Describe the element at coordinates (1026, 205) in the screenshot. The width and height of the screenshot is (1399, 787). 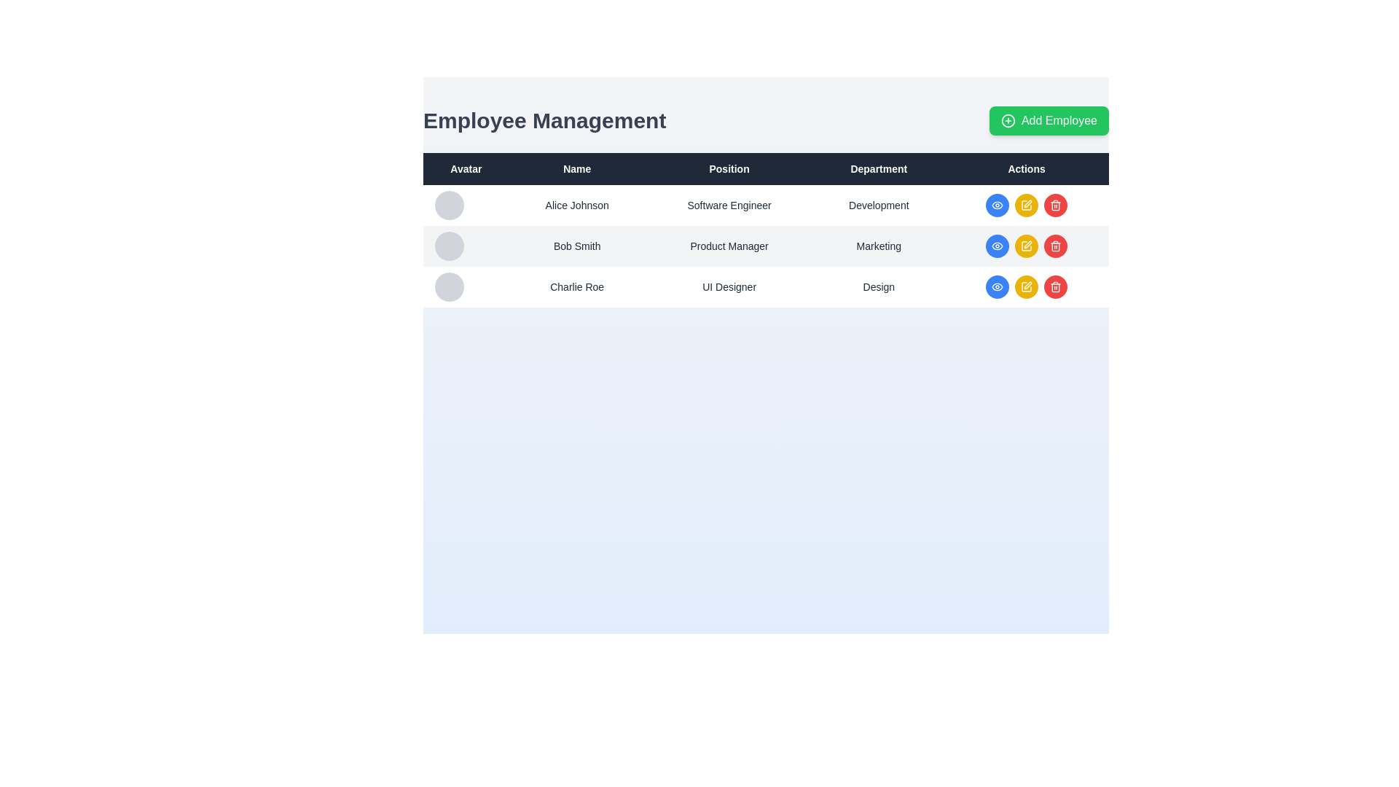
I see `the second button in the rightmost column labeled 'Actions' in the row for 'Alice Johnson' to initiate the edit action` at that location.